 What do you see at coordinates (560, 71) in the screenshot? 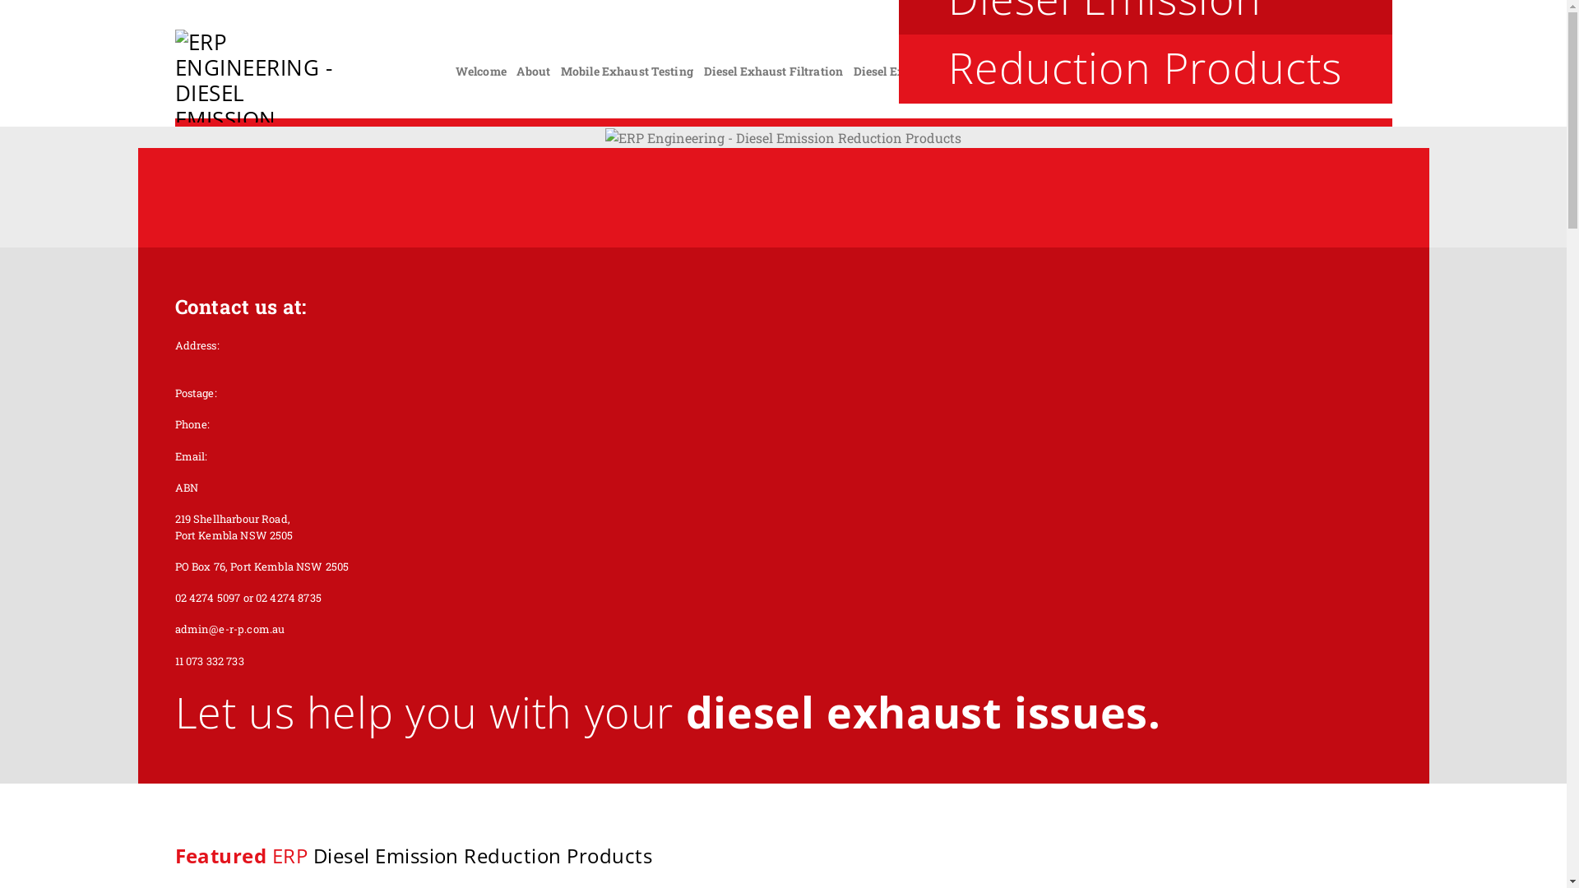
I see `'Mobile Exhaust Testing'` at bounding box center [560, 71].